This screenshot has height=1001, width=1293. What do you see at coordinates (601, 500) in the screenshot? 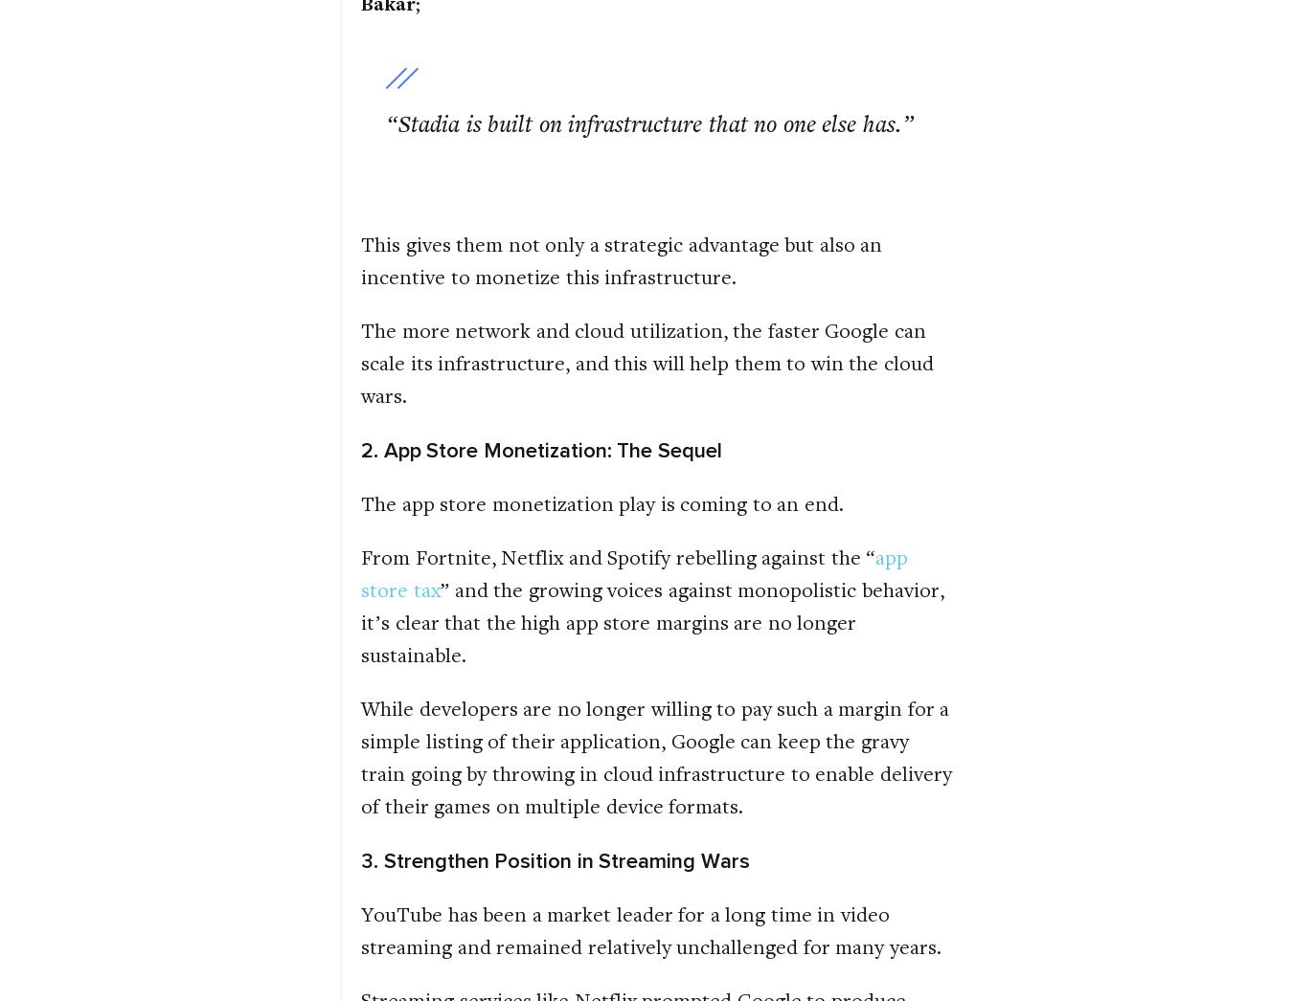
I see `'The app store monetization play is coming to an end.'` at bounding box center [601, 500].